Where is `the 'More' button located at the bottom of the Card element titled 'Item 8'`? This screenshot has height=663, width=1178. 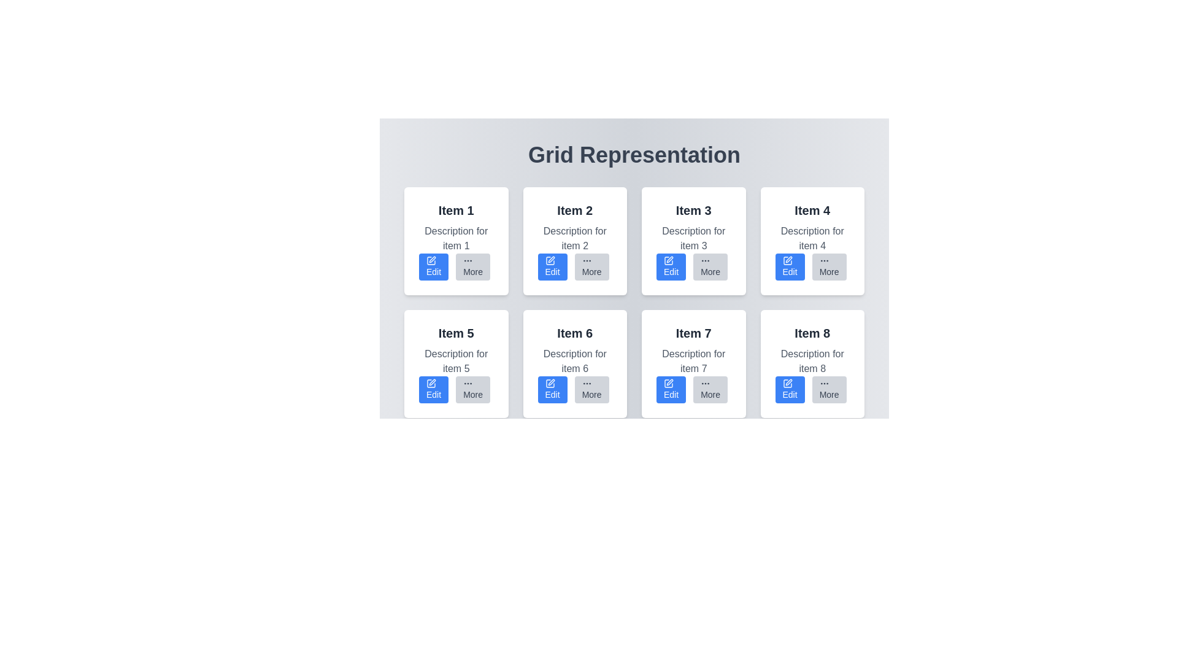 the 'More' button located at the bottom of the Card element titled 'Item 8' is located at coordinates (812, 363).